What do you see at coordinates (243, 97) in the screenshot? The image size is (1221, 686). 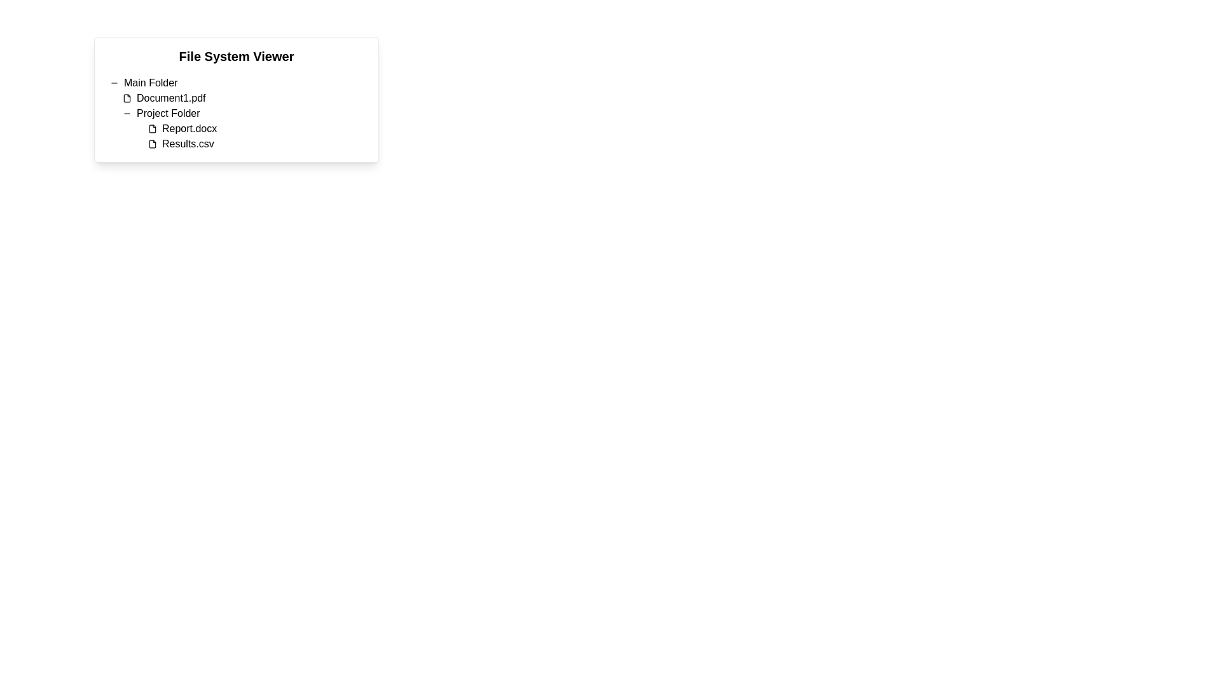 I see `the list item representing the file named 'Document1.pdf'` at bounding box center [243, 97].